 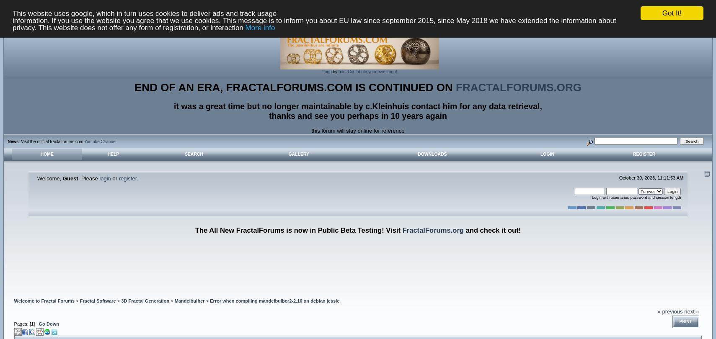 I want to click on 'login', so click(x=104, y=178).